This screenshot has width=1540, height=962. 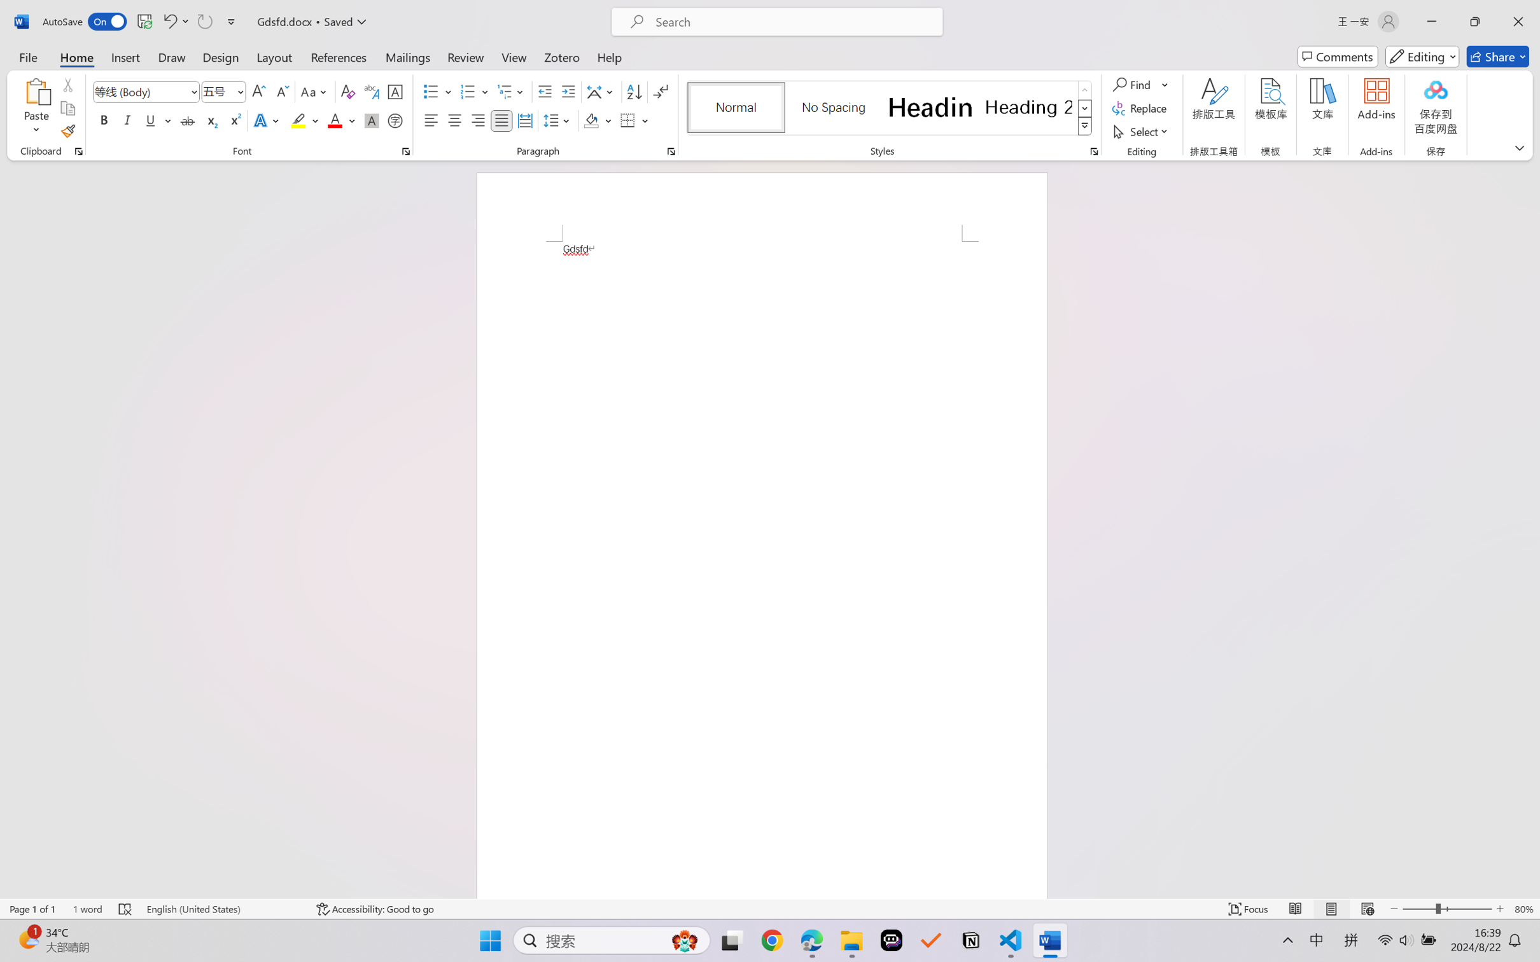 What do you see at coordinates (125, 909) in the screenshot?
I see `'Spelling and Grammar Check Errors'` at bounding box center [125, 909].